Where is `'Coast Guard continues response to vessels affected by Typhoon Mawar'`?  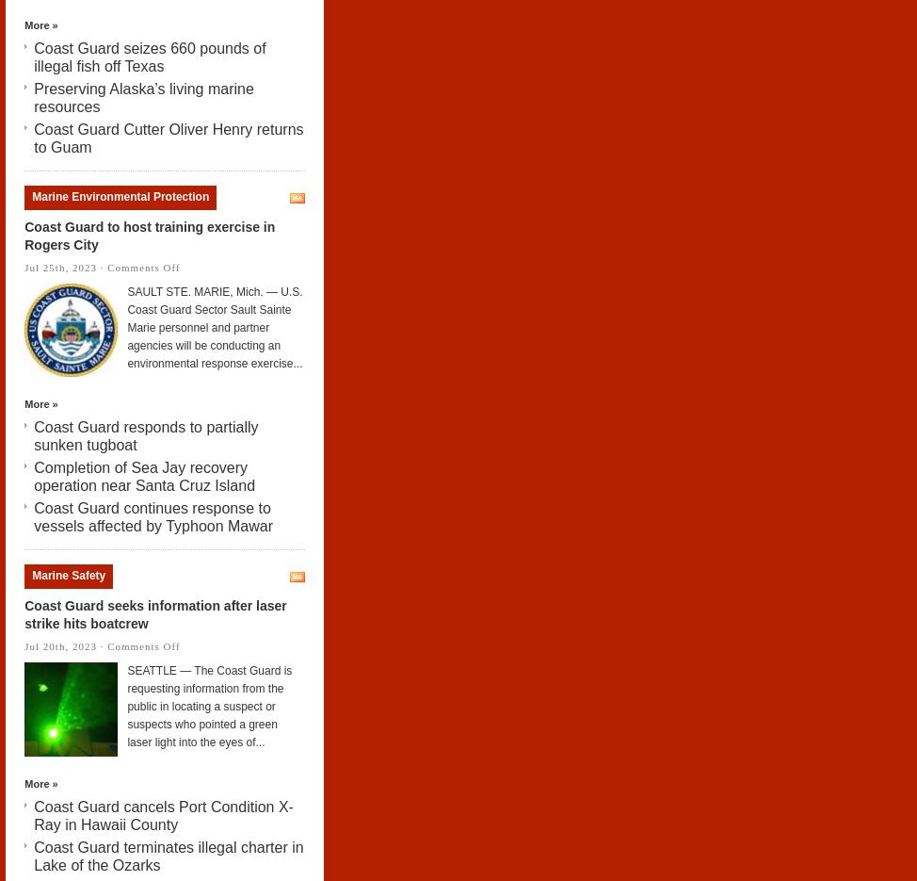 'Coast Guard continues response to vessels affected by Typhoon Mawar' is located at coordinates (34, 516).